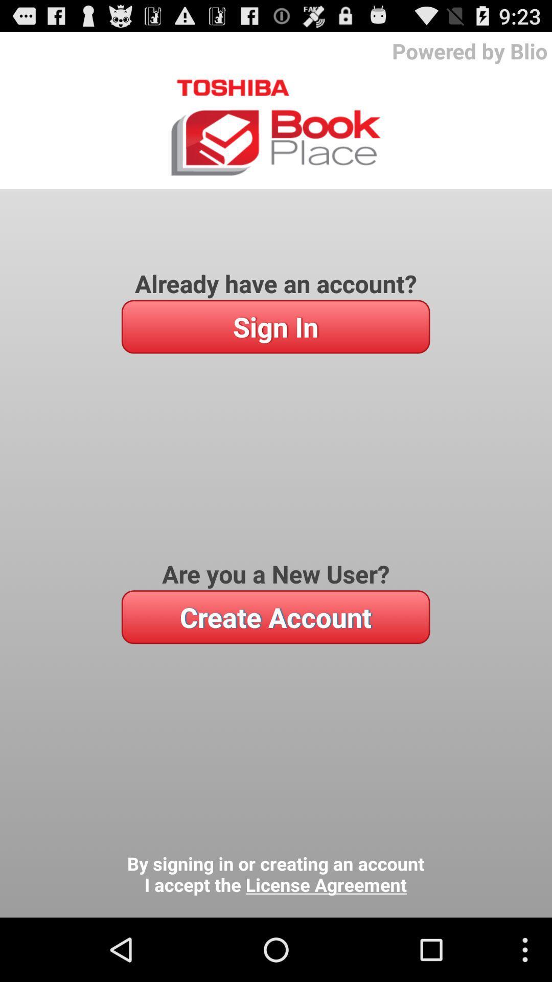 This screenshot has height=982, width=552. What do you see at coordinates (275, 326) in the screenshot?
I see `the item above the are you a` at bounding box center [275, 326].